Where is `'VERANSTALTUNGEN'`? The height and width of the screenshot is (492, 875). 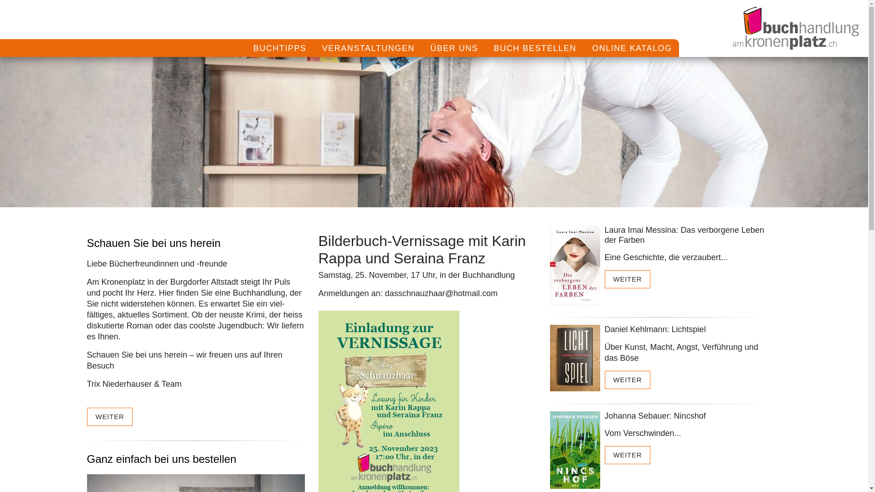
'VERANSTALTUNGEN' is located at coordinates (368, 48).